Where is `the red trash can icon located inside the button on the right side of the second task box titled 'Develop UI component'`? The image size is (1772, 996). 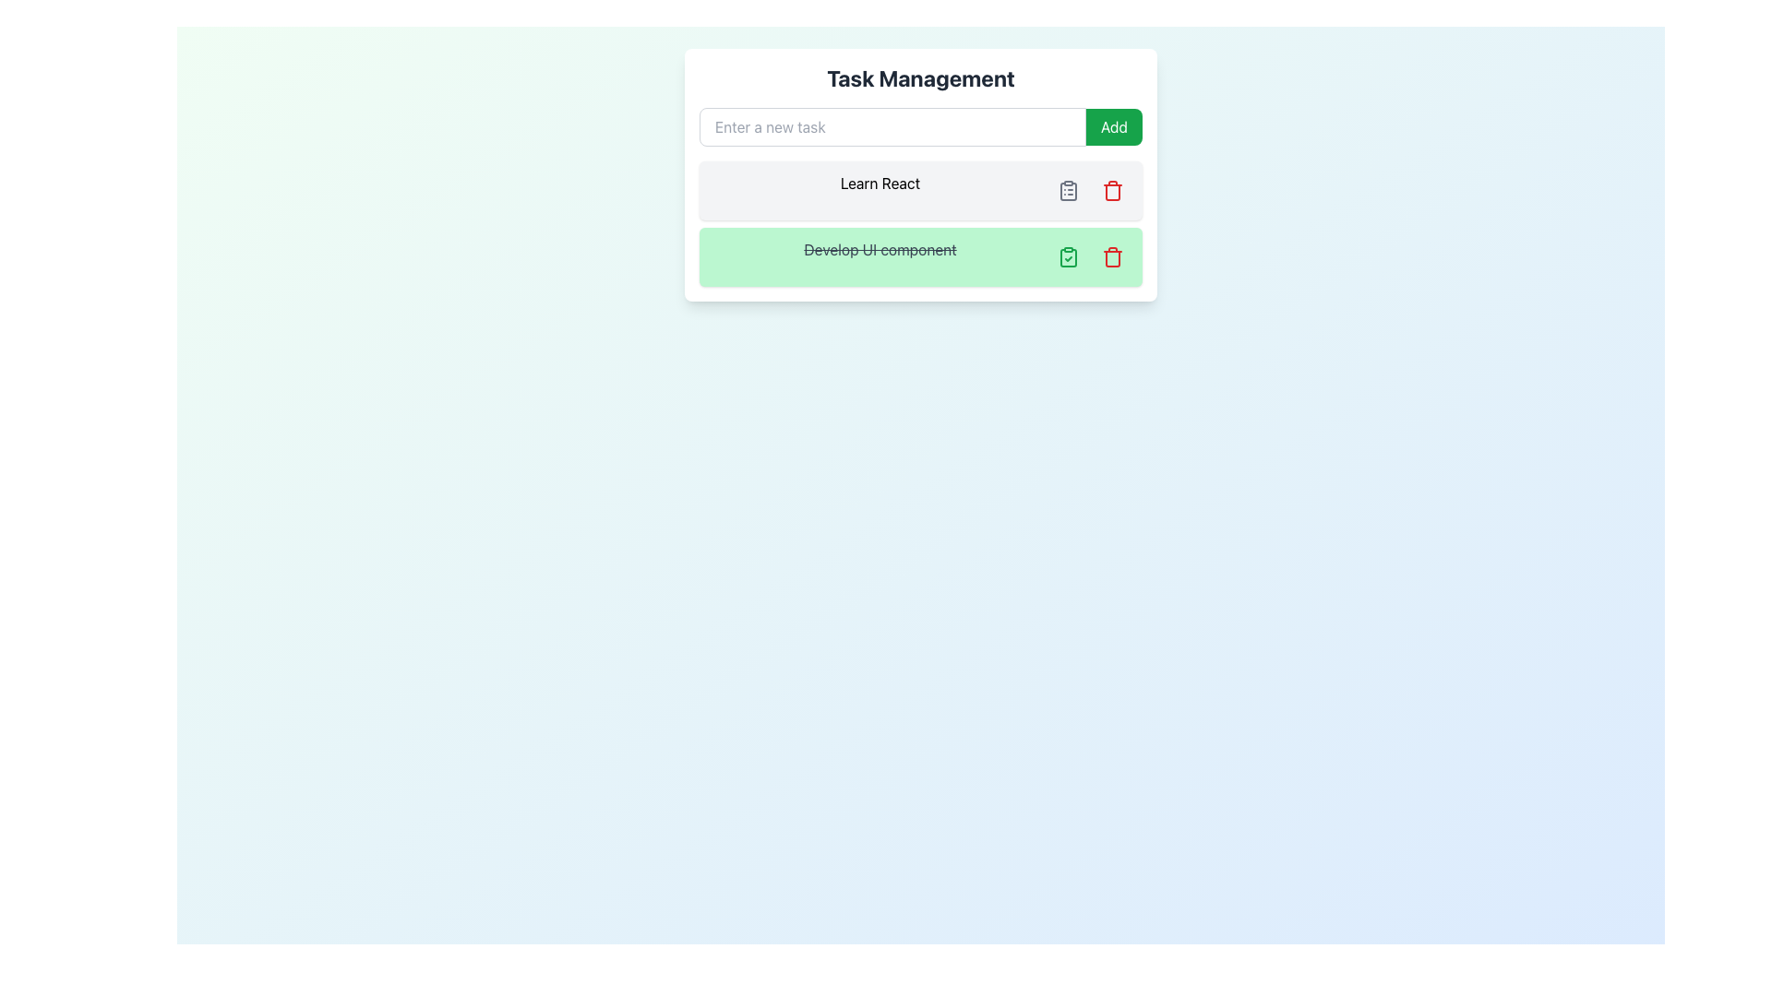 the red trash can icon located inside the button on the right side of the second task box titled 'Develop UI component' is located at coordinates (1111, 192).